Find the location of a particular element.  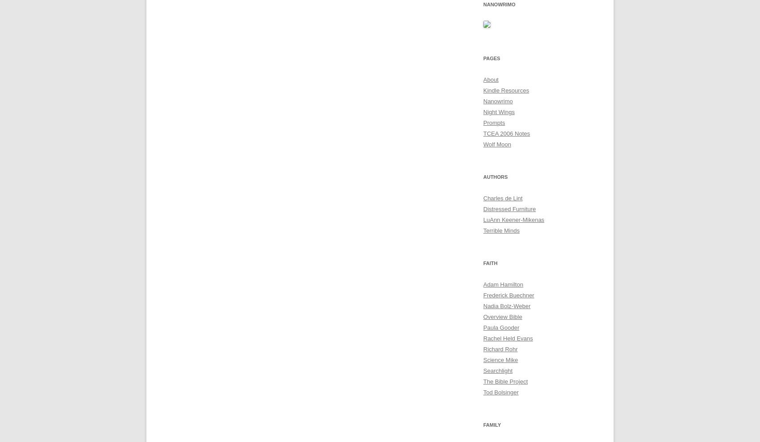

'Nadia Bolz-Weber' is located at coordinates (507, 306).